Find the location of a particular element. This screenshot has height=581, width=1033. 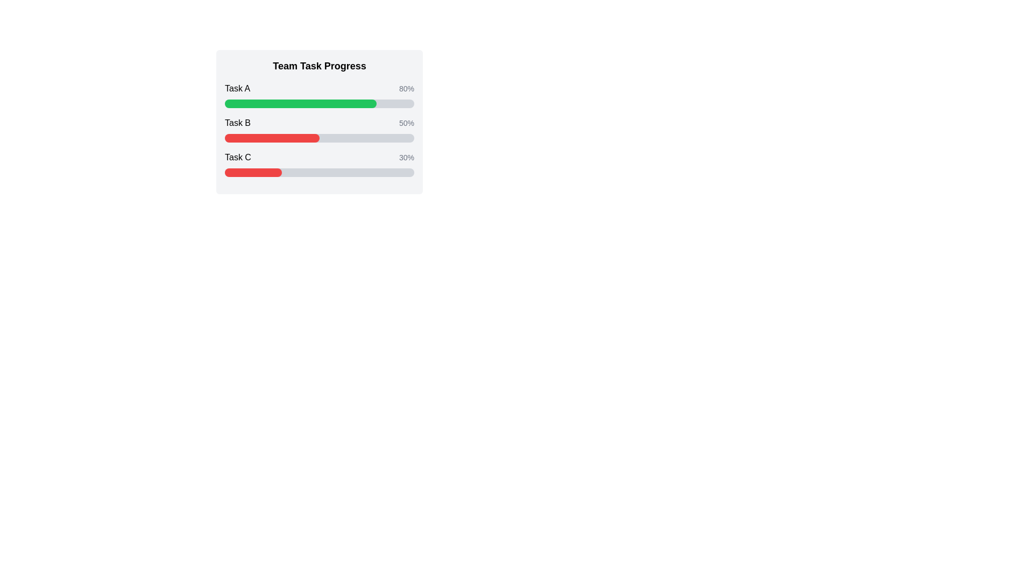

the progress bar for 'Task B' is located at coordinates (319, 129).